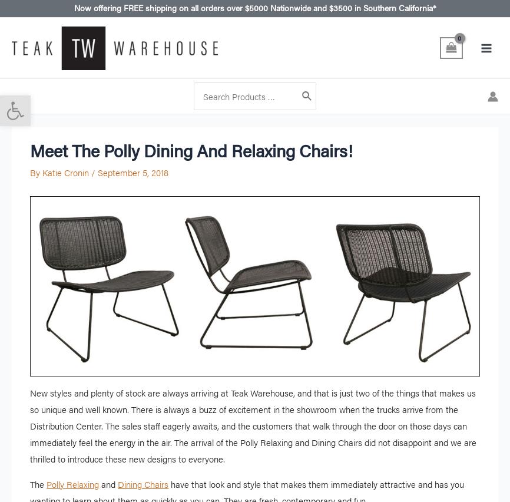 The width and height of the screenshot is (510, 502). Describe the element at coordinates (38, 483) in the screenshot. I see `'The'` at that location.